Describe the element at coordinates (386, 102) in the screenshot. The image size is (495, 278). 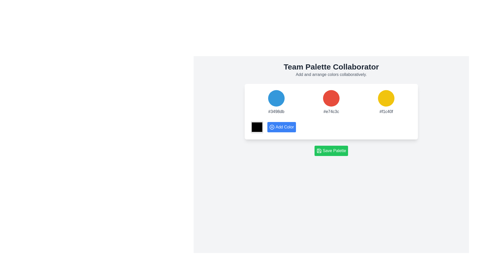
I see `the rightmost color swatch element displaying the yellow color and its corresponding hexadecimal code` at that location.